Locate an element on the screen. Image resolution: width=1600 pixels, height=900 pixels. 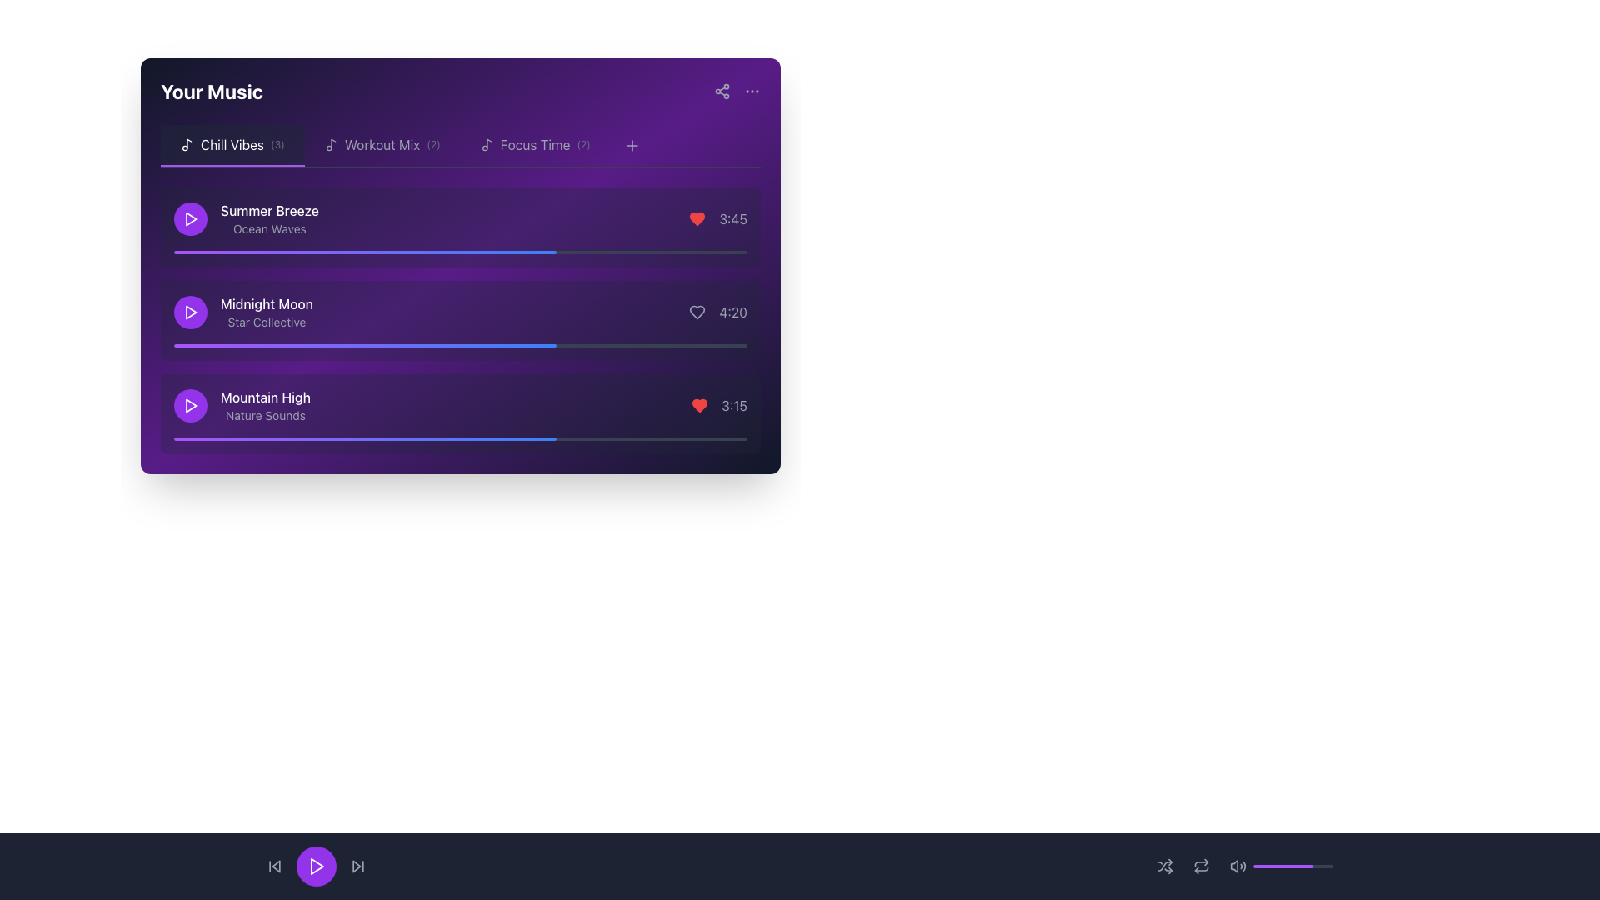
the shuffle icon button, which is represented by a pair of crossing arrows and is located at the bottom center of the interface is located at coordinates (1163, 866).